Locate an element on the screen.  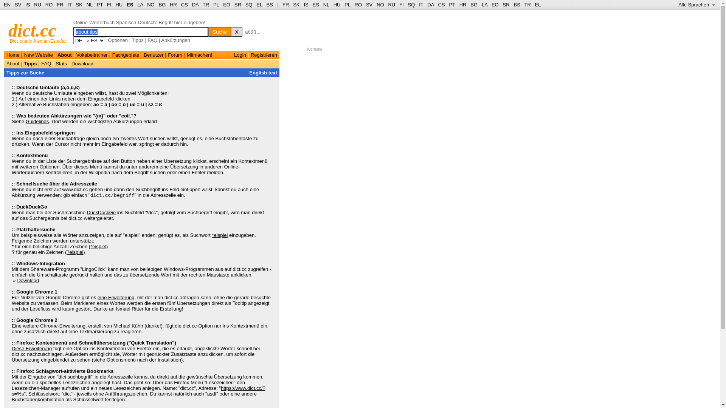
'HU' is located at coordinates (333, 5).